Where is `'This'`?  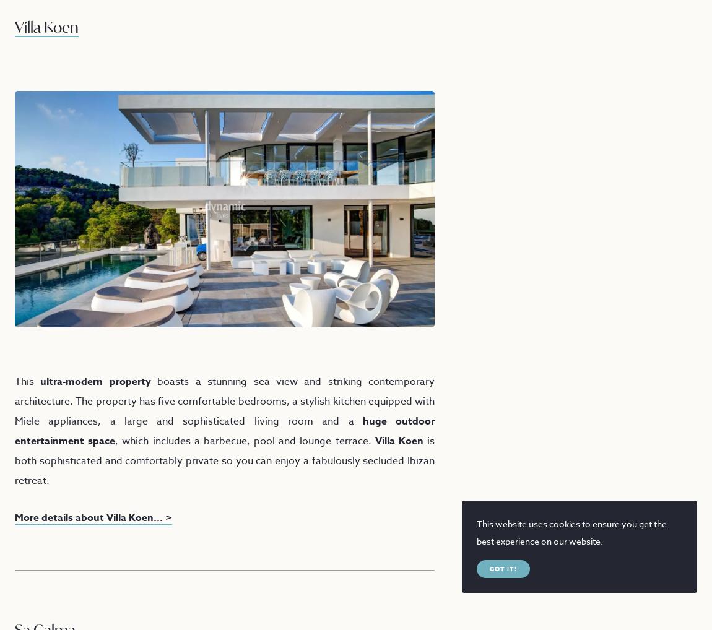 'This' is located at coordinates (14, 380).